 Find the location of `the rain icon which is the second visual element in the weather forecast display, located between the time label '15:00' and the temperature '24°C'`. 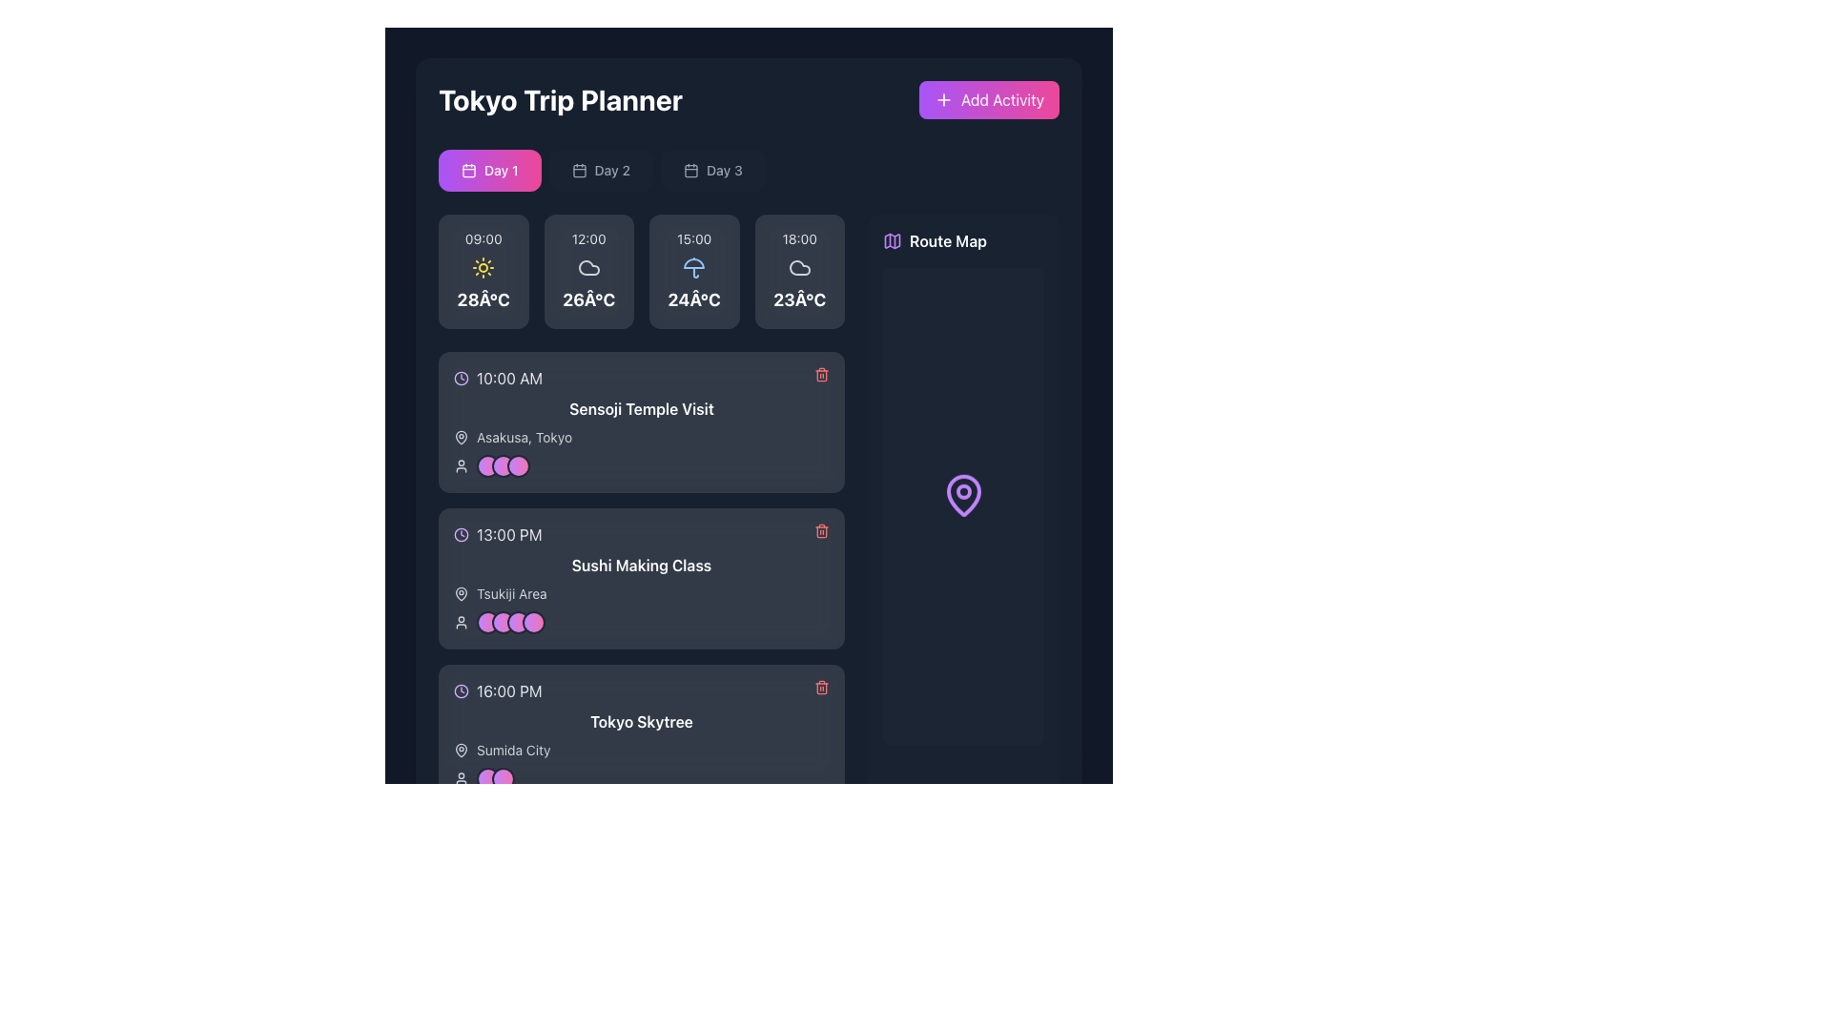

the rain icon which is the second visual element in the weather forecast display, located between the time label '15:00' and the temperature '24°C' is located at coordinates (693, 268).